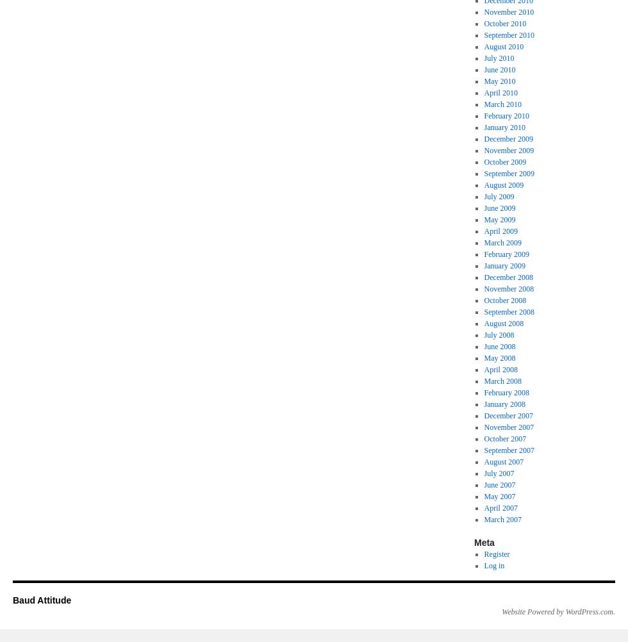  What do you see at coordinates (503, 184) in the screenshot?
I see `'August 2009'` at bounding box center [503, 184].